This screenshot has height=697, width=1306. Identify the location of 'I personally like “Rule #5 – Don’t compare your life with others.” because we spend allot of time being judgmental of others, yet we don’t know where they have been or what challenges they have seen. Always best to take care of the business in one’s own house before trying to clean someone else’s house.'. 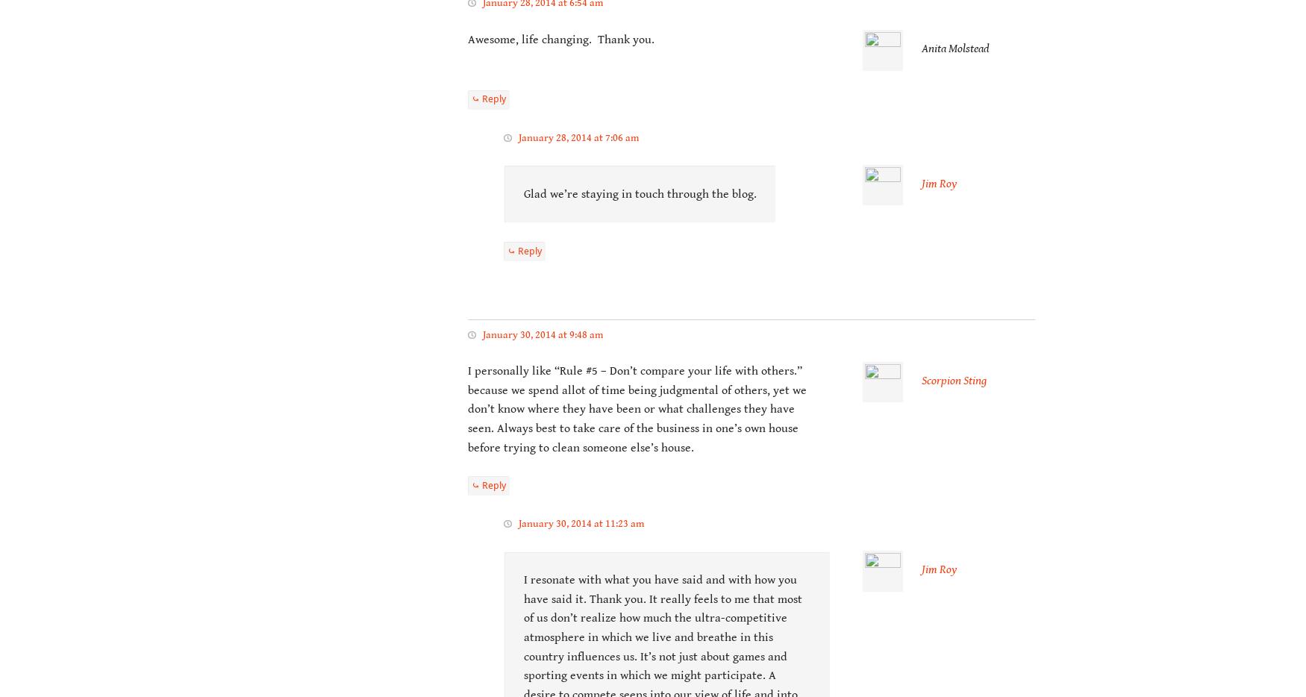
(637, 409).